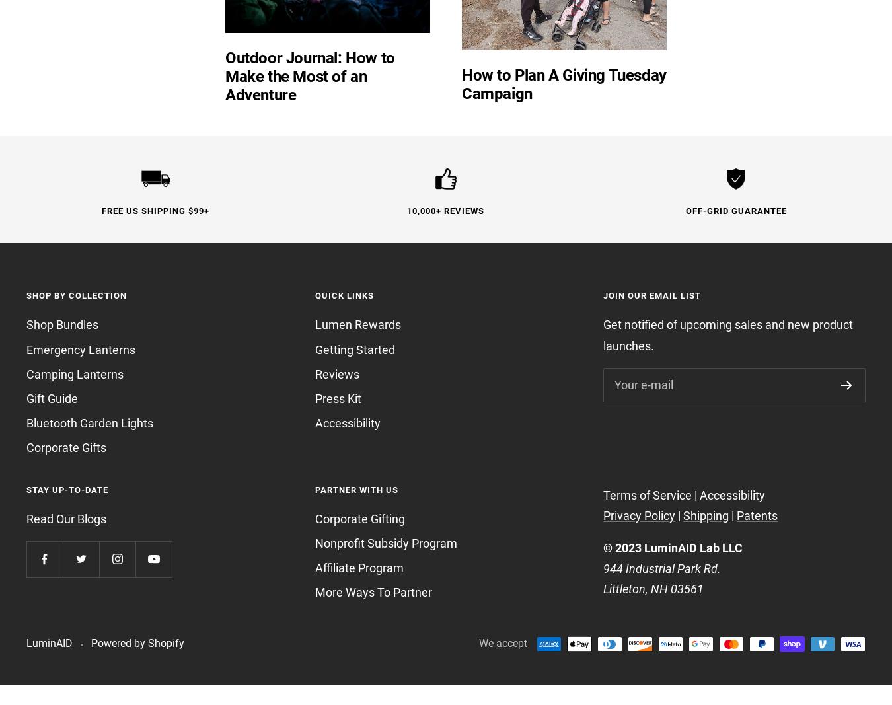  What do you see at coordinates (65, 447) in the screenshot?
I see `'Corporate Gifts'` at bounding box center [65, 447].